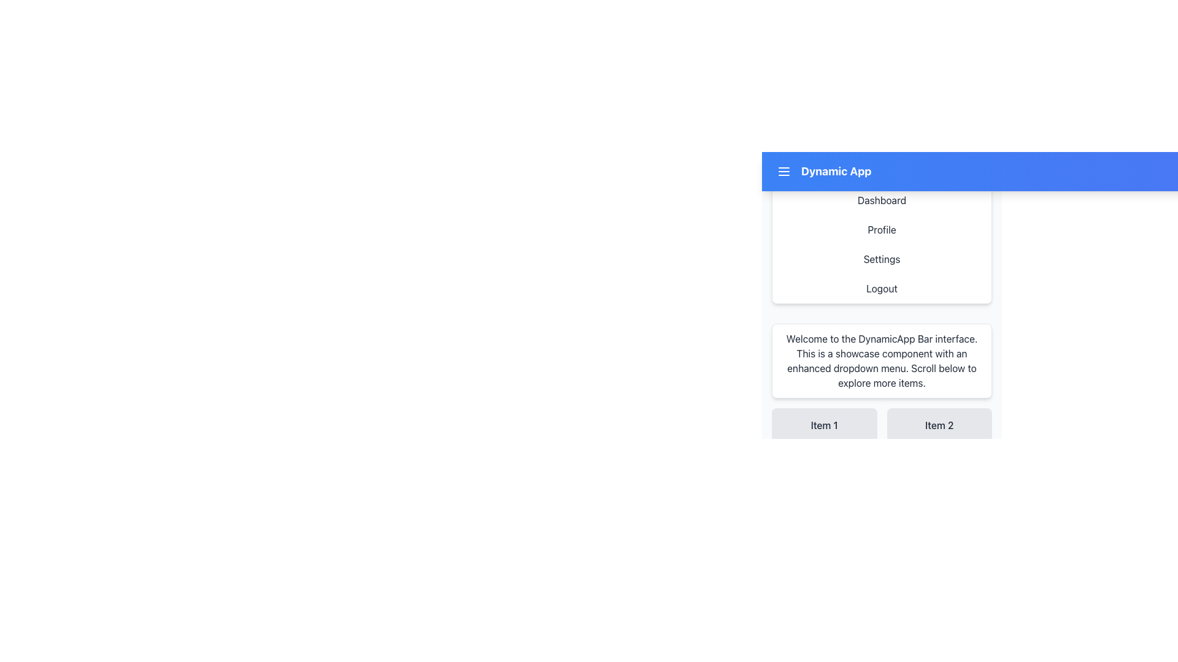  I want to click on the 'Logout' button, which is a single line of text located at the bottom of the vertical menu list, directly underneath the 'Settings' option, so click(881, 288).